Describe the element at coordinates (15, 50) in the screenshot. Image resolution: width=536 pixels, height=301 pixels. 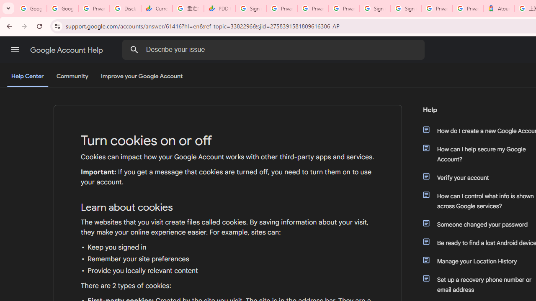
I see `'Main menu'` at that location.